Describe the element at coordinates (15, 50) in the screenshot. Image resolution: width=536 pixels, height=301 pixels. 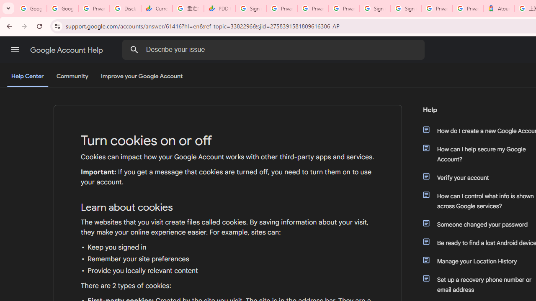
I see `'Main menu'` at that location.